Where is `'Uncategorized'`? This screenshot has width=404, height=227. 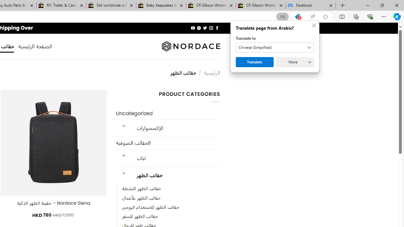
'Uncategorized' is located at coordinates (168, 113).